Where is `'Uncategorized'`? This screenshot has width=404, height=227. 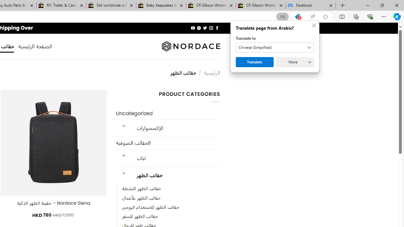
'Uncategorized' is located at coordinates (168, 113).